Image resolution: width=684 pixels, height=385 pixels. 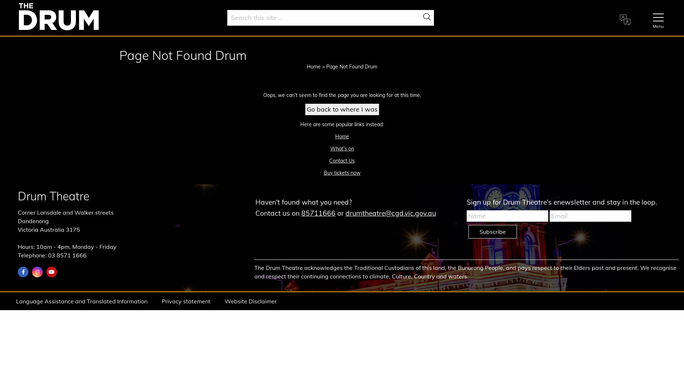 What do you see at coordinates (82, 301) in the screenshot?
I see `'Language Assistance and Translated Information'` at bounding box center [82, 301].